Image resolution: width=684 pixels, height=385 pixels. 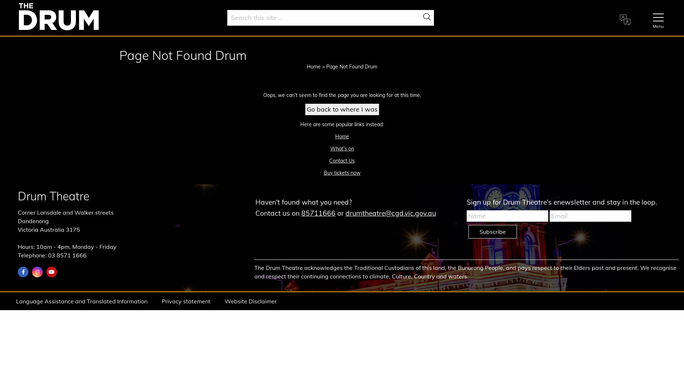 What do you see at coordinates (82, 301) in the screenshot?
I see `'Language Assistance and Translated Information'` at bounding box center [82, 301].